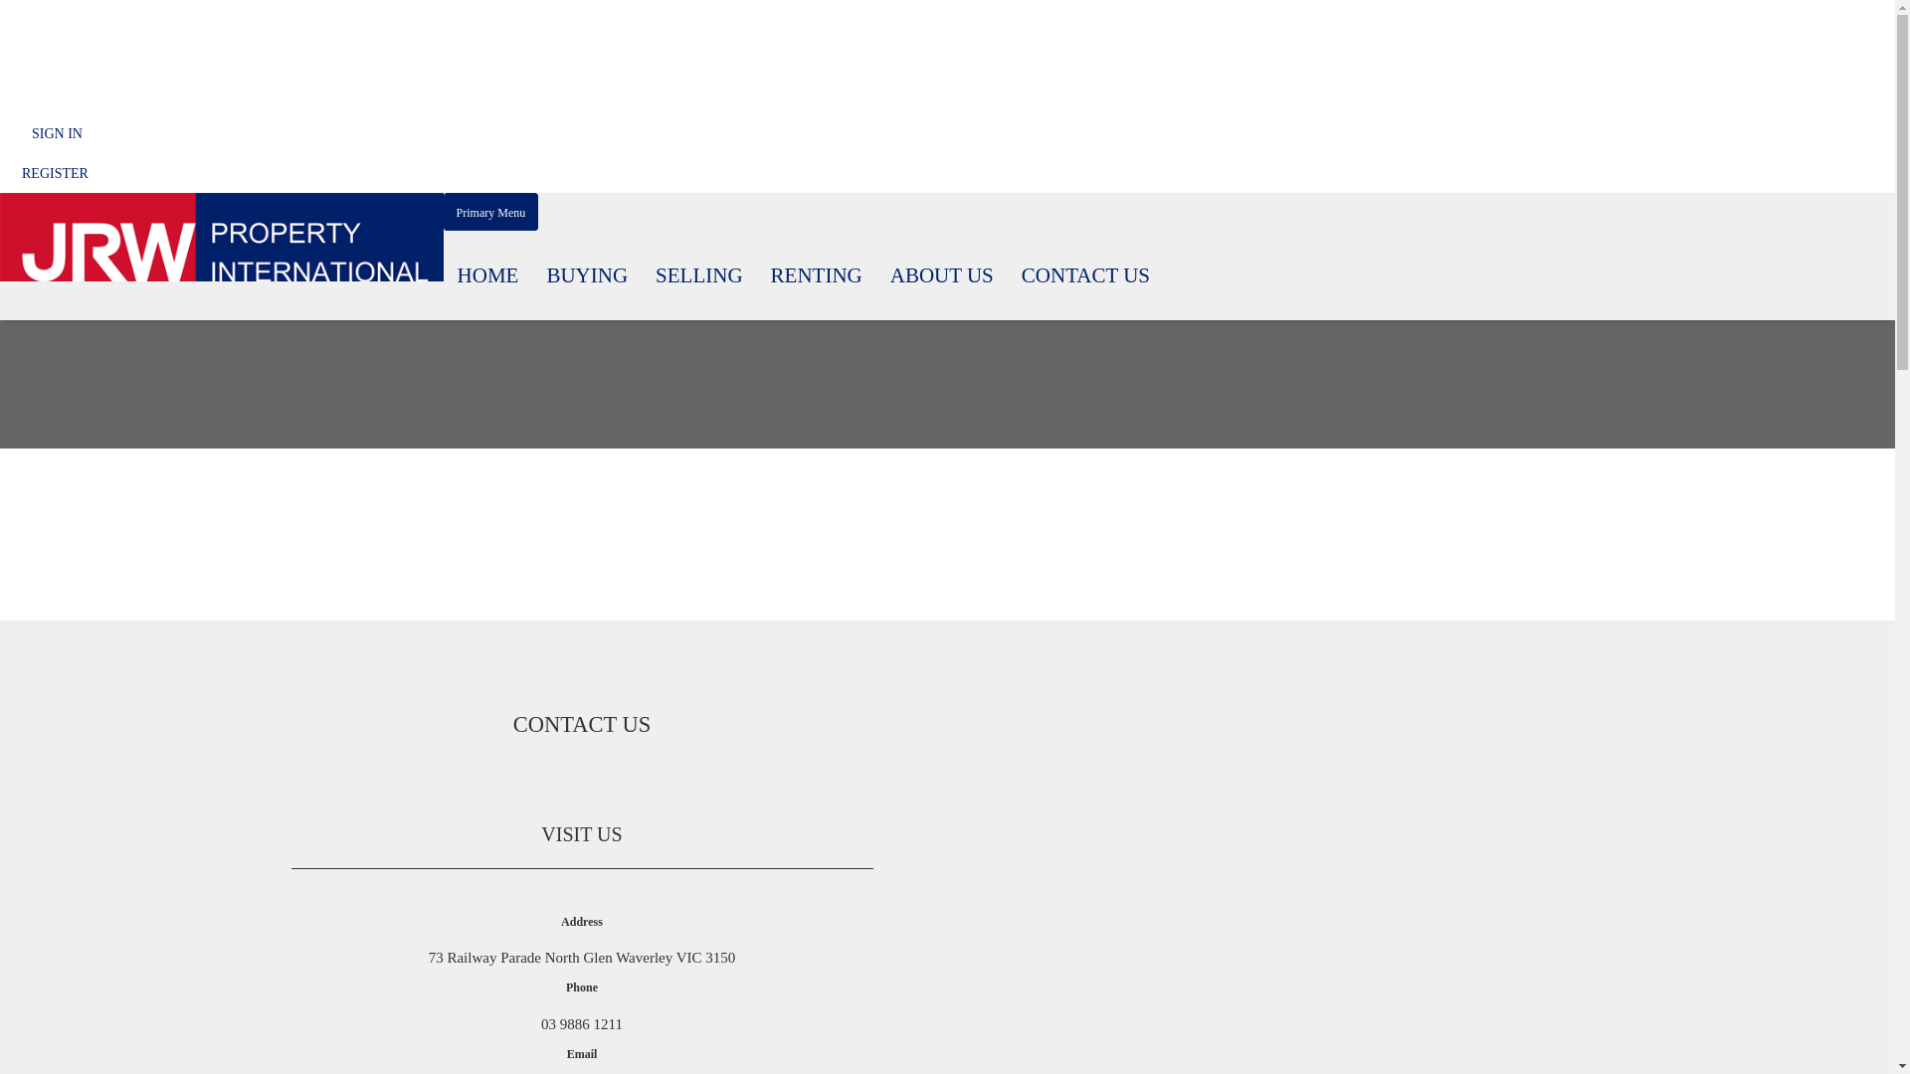 This screenshot has width=1910, height=1074. What do you see at coordinates (57, 134) in the screenshot?
I see `'SIGN IN'` at bounding box center [57, 134].